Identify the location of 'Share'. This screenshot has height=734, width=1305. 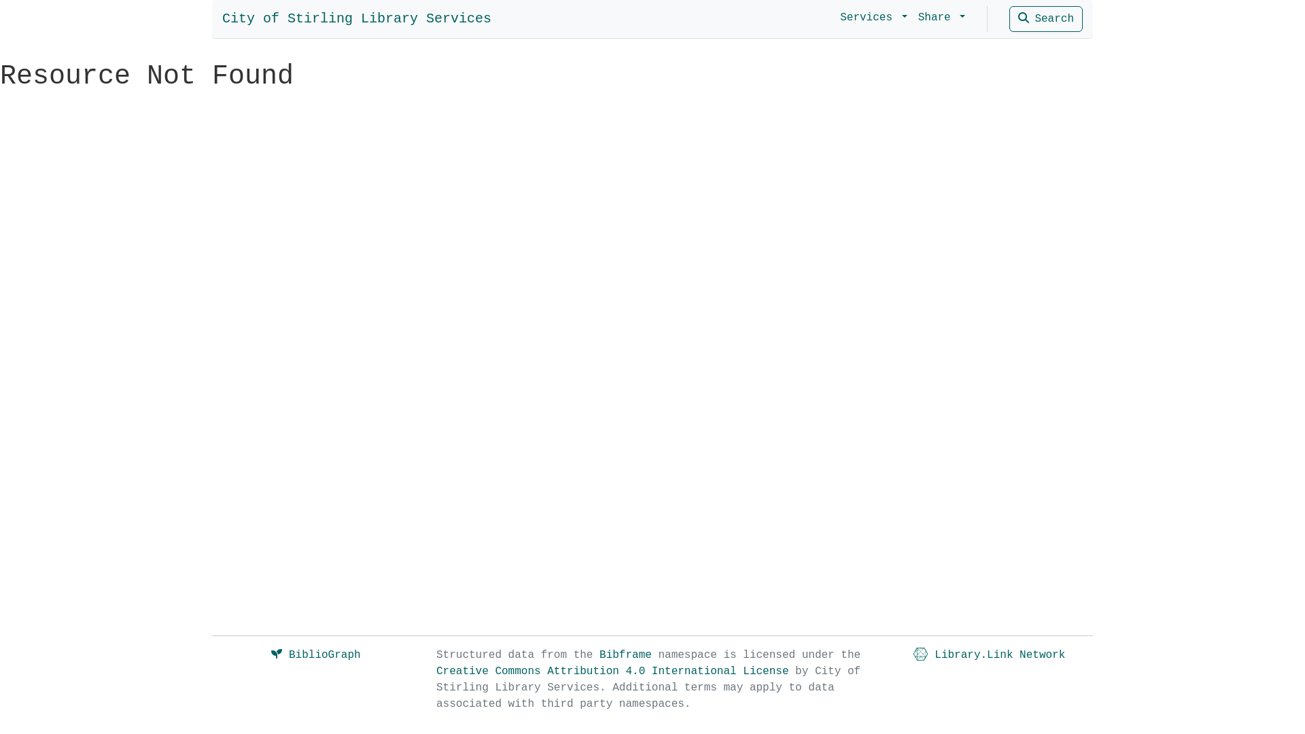
(913, 18).